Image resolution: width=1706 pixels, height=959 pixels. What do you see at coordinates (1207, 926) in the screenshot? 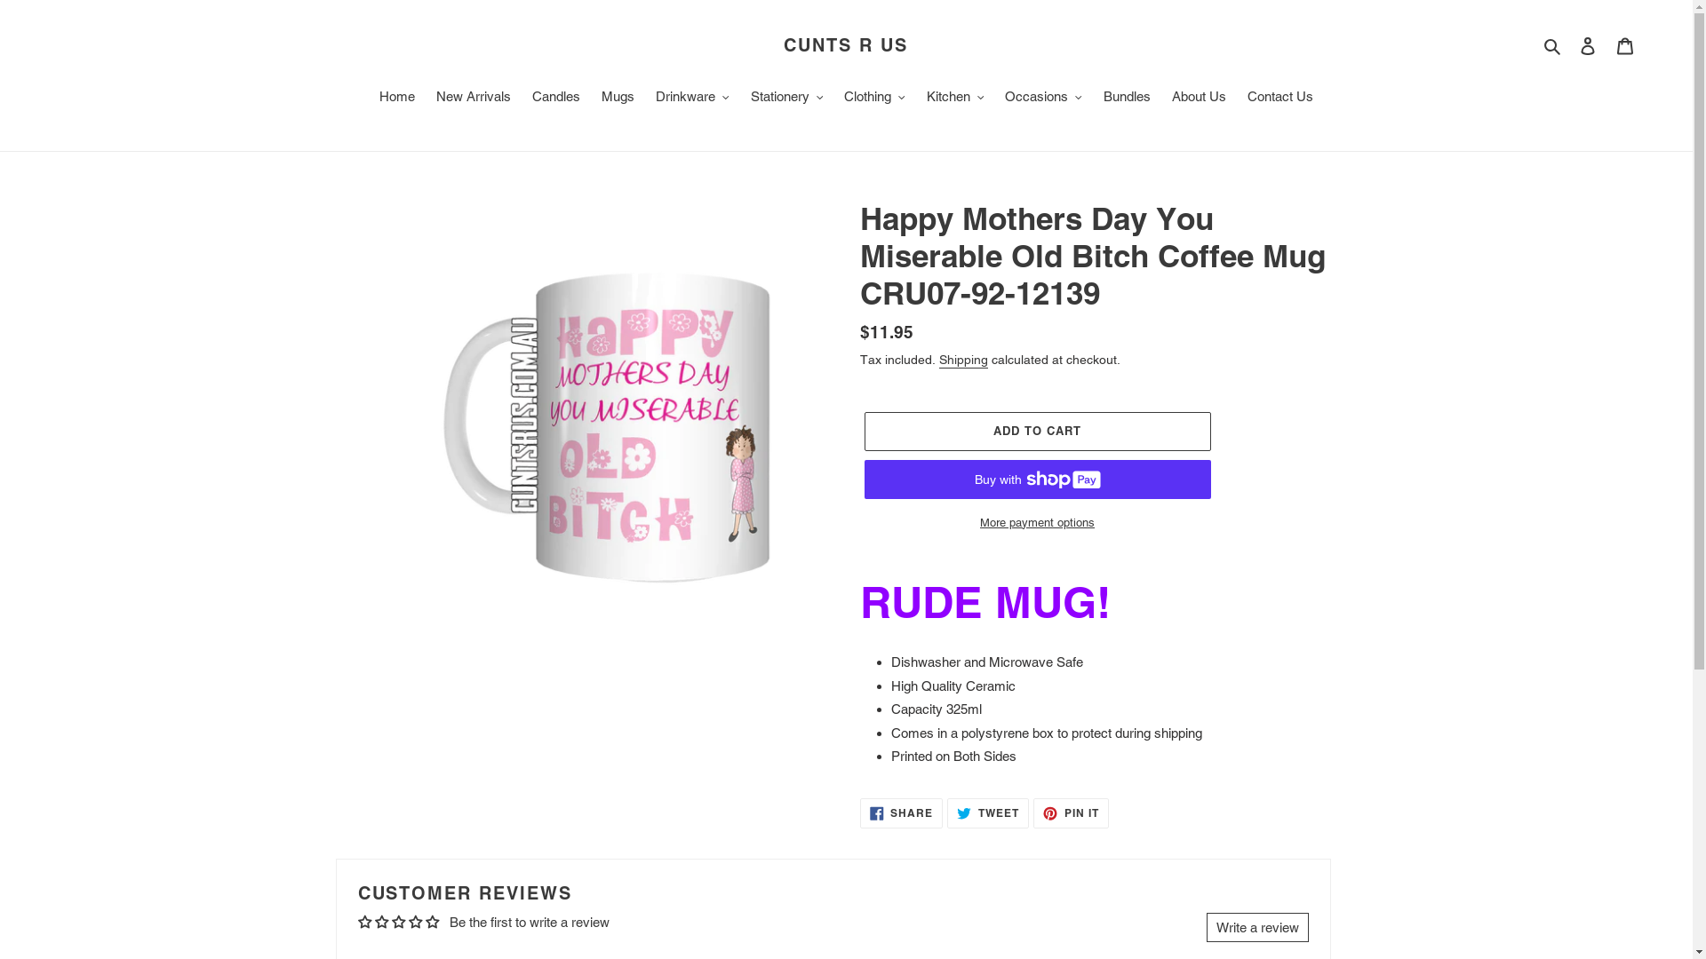
I see `'Write a review'` at bounding box center [1207, 926].